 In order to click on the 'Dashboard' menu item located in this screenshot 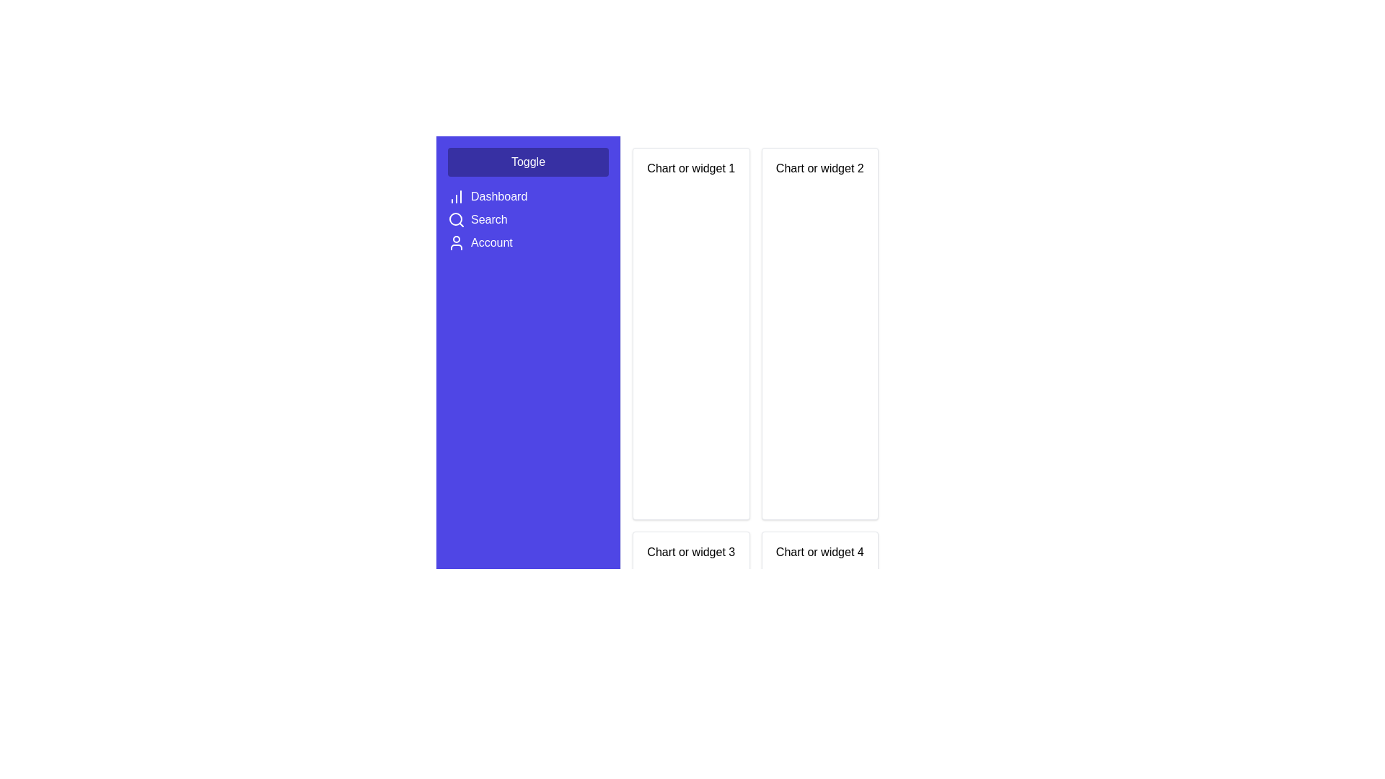, I will do `click(527, 197)`.